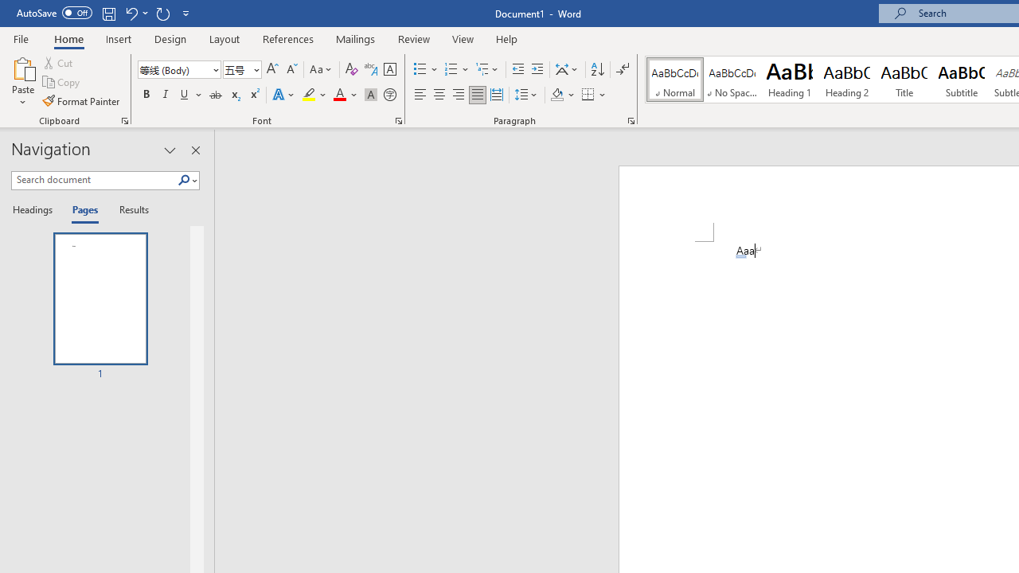 The image size is (1019, 573). What do you see at coordinates (166, 95) in the screenshot?
I see `'Italic'` at bounding box center [166, 95].